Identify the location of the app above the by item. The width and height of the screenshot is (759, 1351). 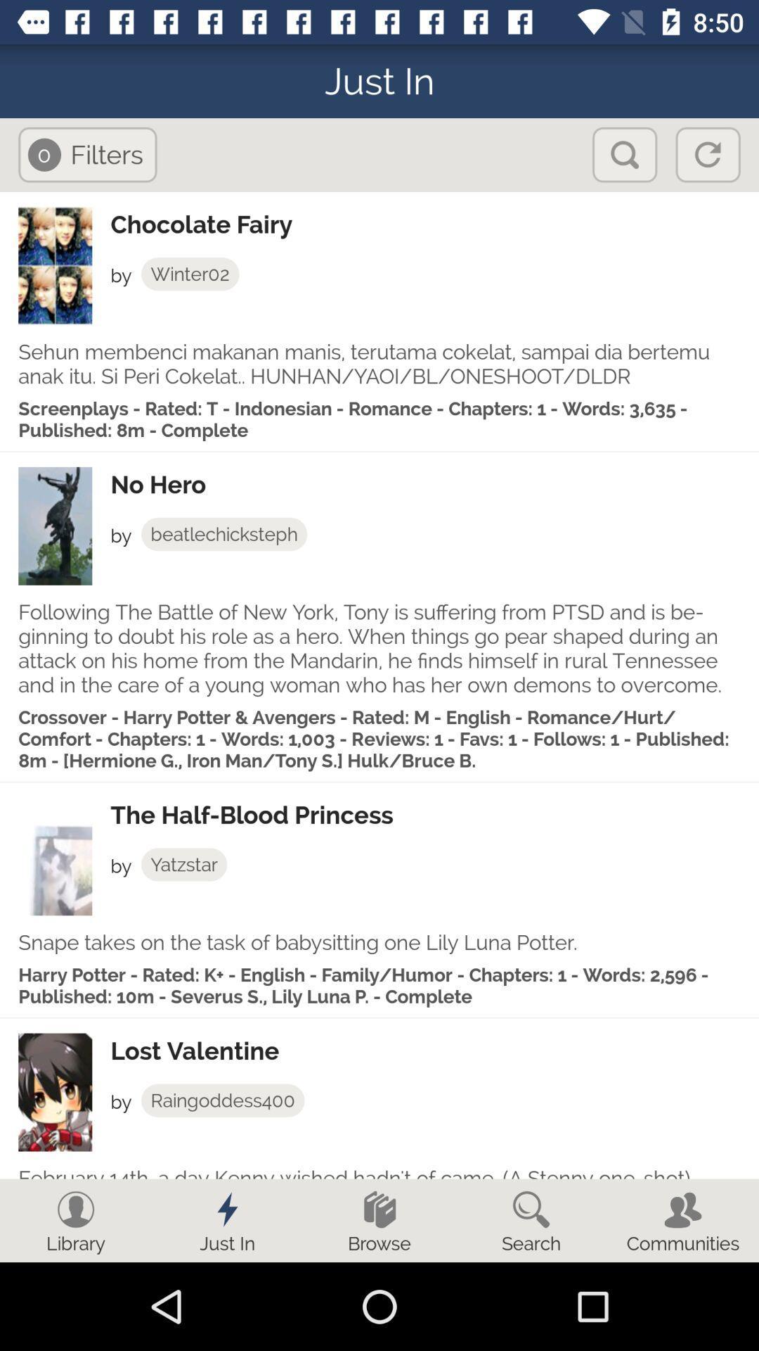
(434, 485).